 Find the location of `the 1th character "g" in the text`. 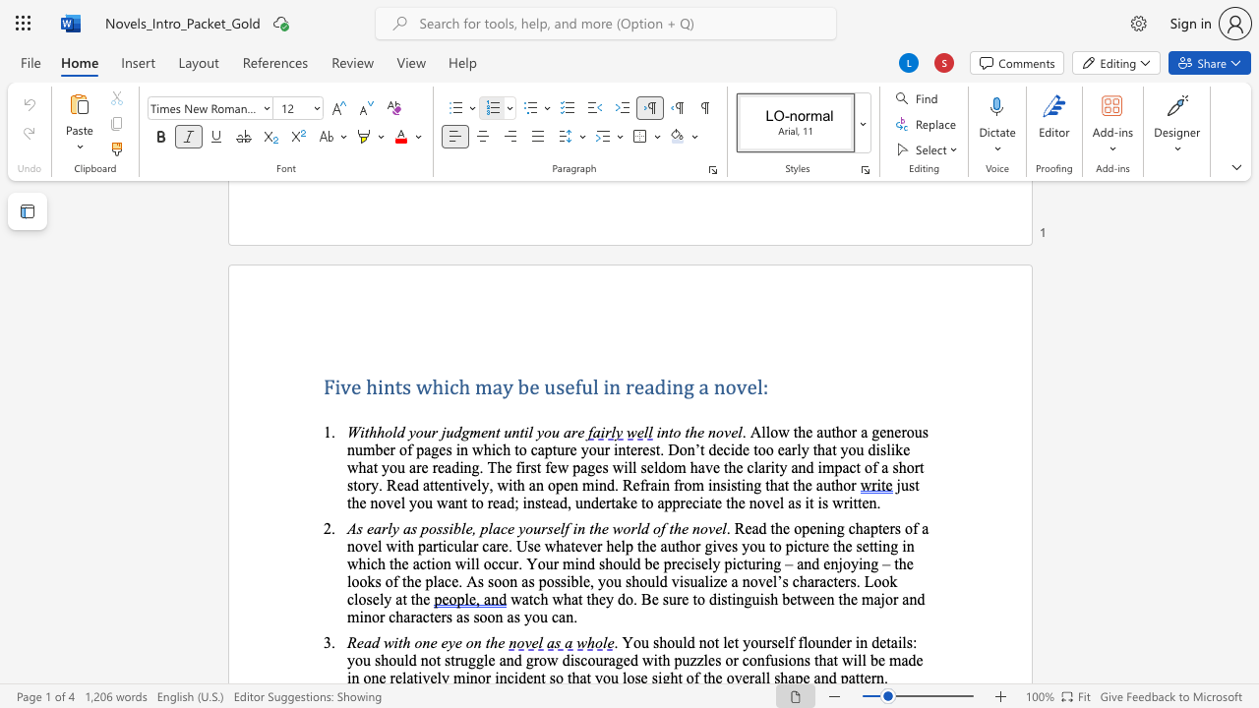

the 1th character "g" in the text is located at coordinates (689, 386).